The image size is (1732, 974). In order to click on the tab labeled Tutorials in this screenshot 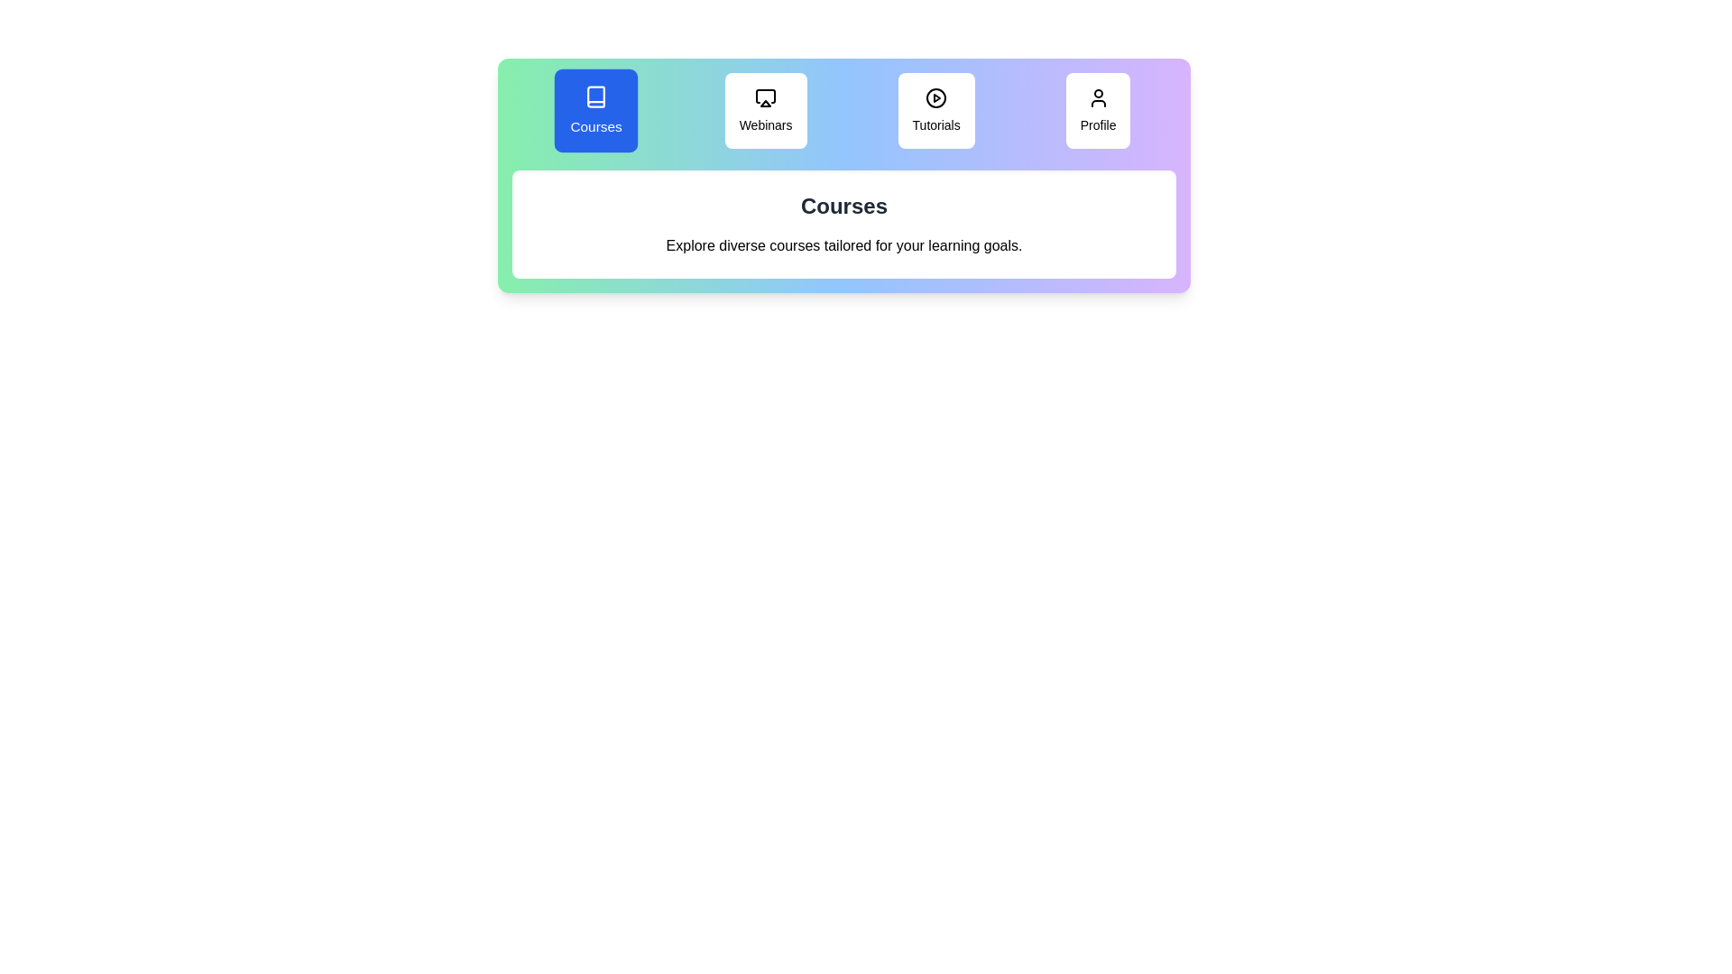, I will do `click(936, 111)`.